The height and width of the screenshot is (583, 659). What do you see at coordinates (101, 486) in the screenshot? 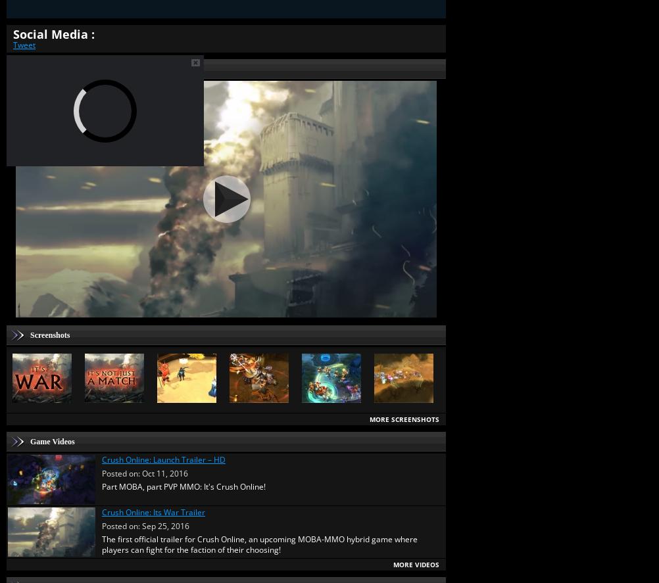
I see `'Part MOBA, part PVP MMO: It's Crush Online!'` at bounding box center [101, 486].